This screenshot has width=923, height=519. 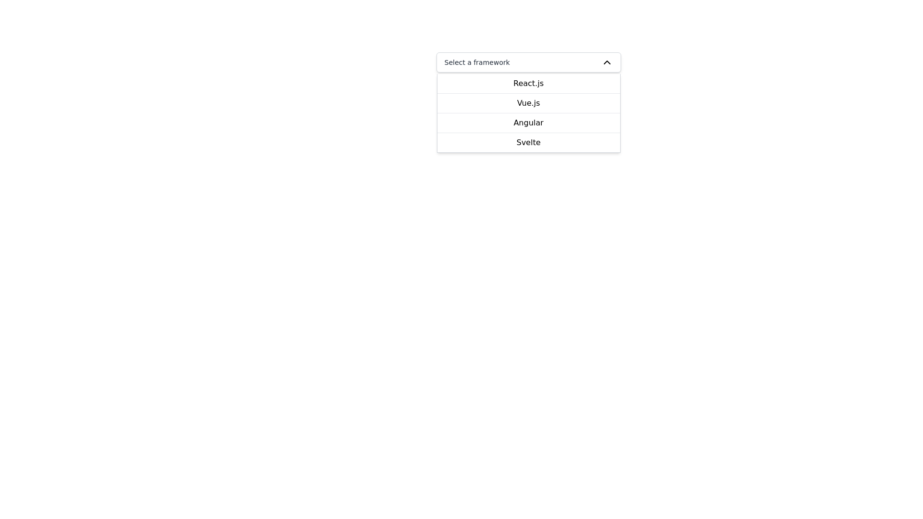 What do you see at coordinates (528, 62) in the screenshot?
I see `the dropdown menu labeled 'Select a framework'` at bounding box center [528, 62].